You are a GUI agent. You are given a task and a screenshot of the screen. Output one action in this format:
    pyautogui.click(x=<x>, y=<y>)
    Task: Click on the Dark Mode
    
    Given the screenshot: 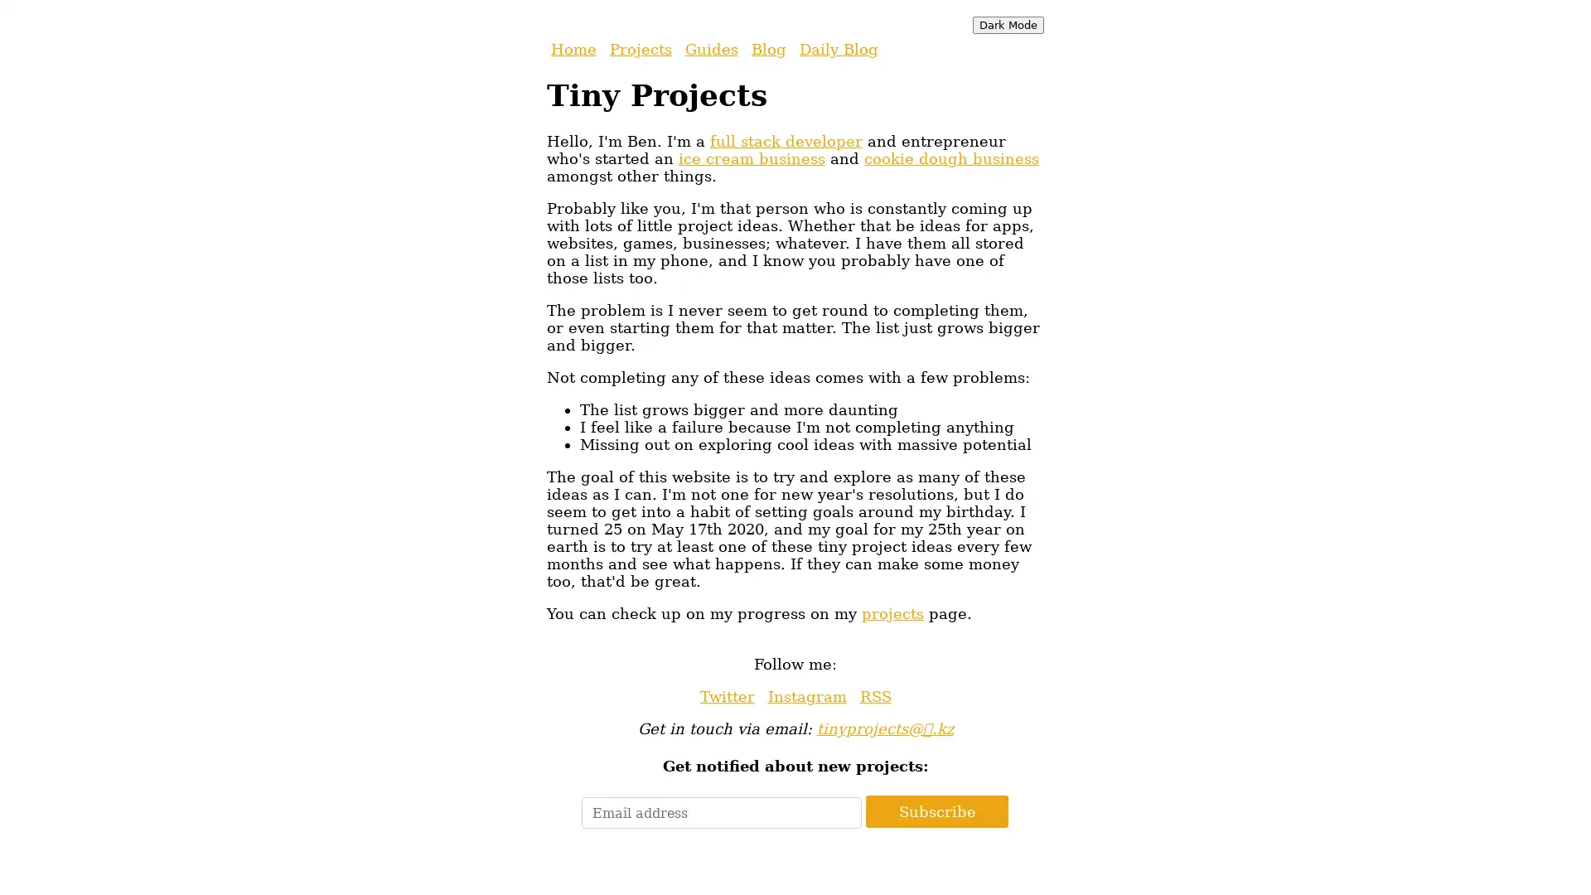 What is the action you would take?
    pyautogui.click(x=1008, y=25)
    